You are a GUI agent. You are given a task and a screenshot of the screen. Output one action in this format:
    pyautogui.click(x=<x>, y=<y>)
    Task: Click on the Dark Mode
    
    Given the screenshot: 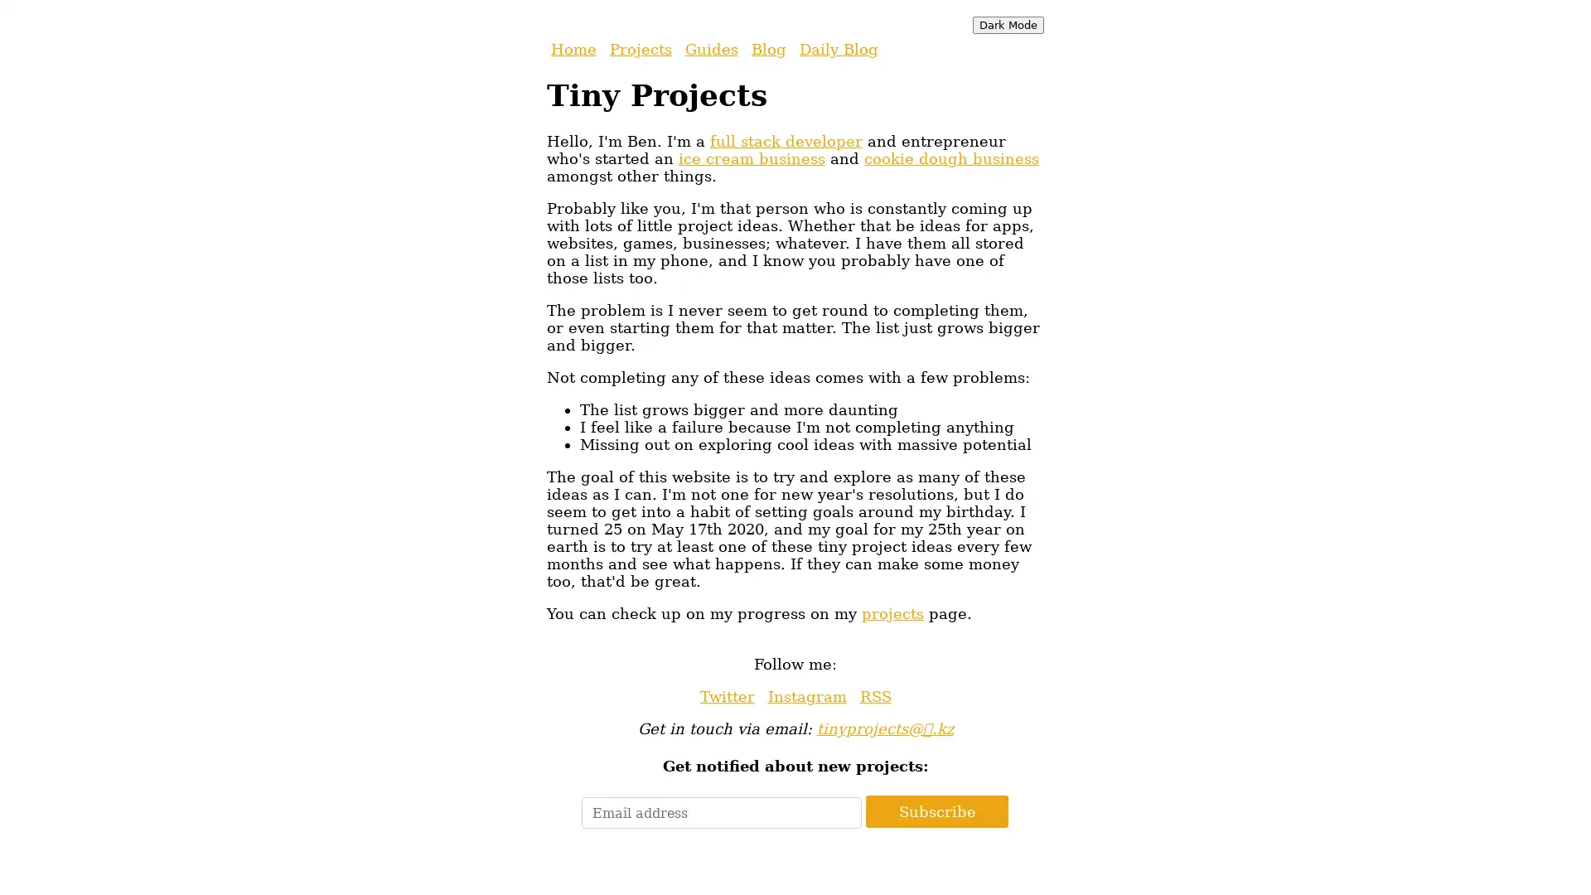 What is the action you would take?
    pyautogui.click(x=1008, y=25)
    